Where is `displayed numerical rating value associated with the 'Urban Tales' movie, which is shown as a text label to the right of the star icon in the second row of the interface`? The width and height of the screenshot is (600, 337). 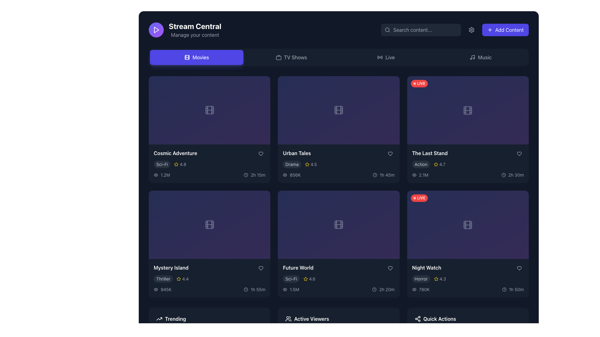 displayed numerical rating value associated with the 'Urban Tales' movie, which is shown as a text label to the right of the star icon in the second row of the interface is located at coordinates (313, 164).